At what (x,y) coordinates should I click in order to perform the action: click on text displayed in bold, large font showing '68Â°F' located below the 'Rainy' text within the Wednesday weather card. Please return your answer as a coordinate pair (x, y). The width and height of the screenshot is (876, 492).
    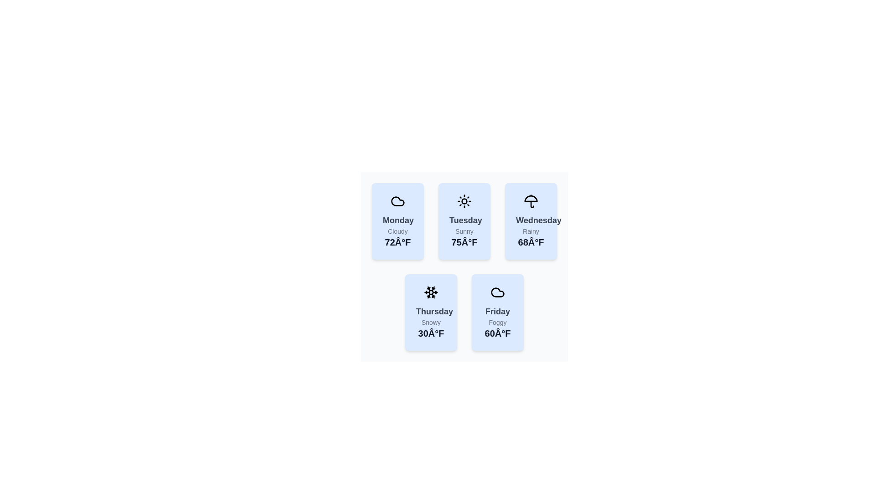
    Looking at the image, I should click on (531, 242).